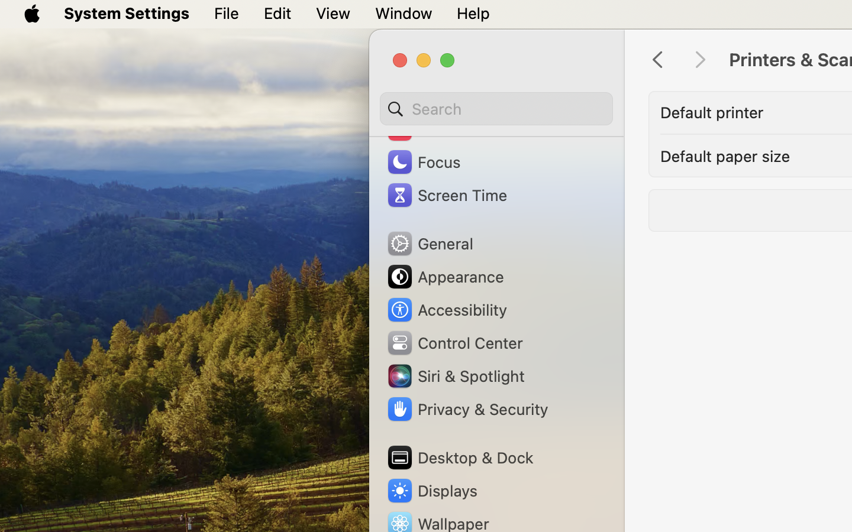  Describe the element at coordinates (725, 155) in the screenshot. I see `'Default paper size'` at that location.